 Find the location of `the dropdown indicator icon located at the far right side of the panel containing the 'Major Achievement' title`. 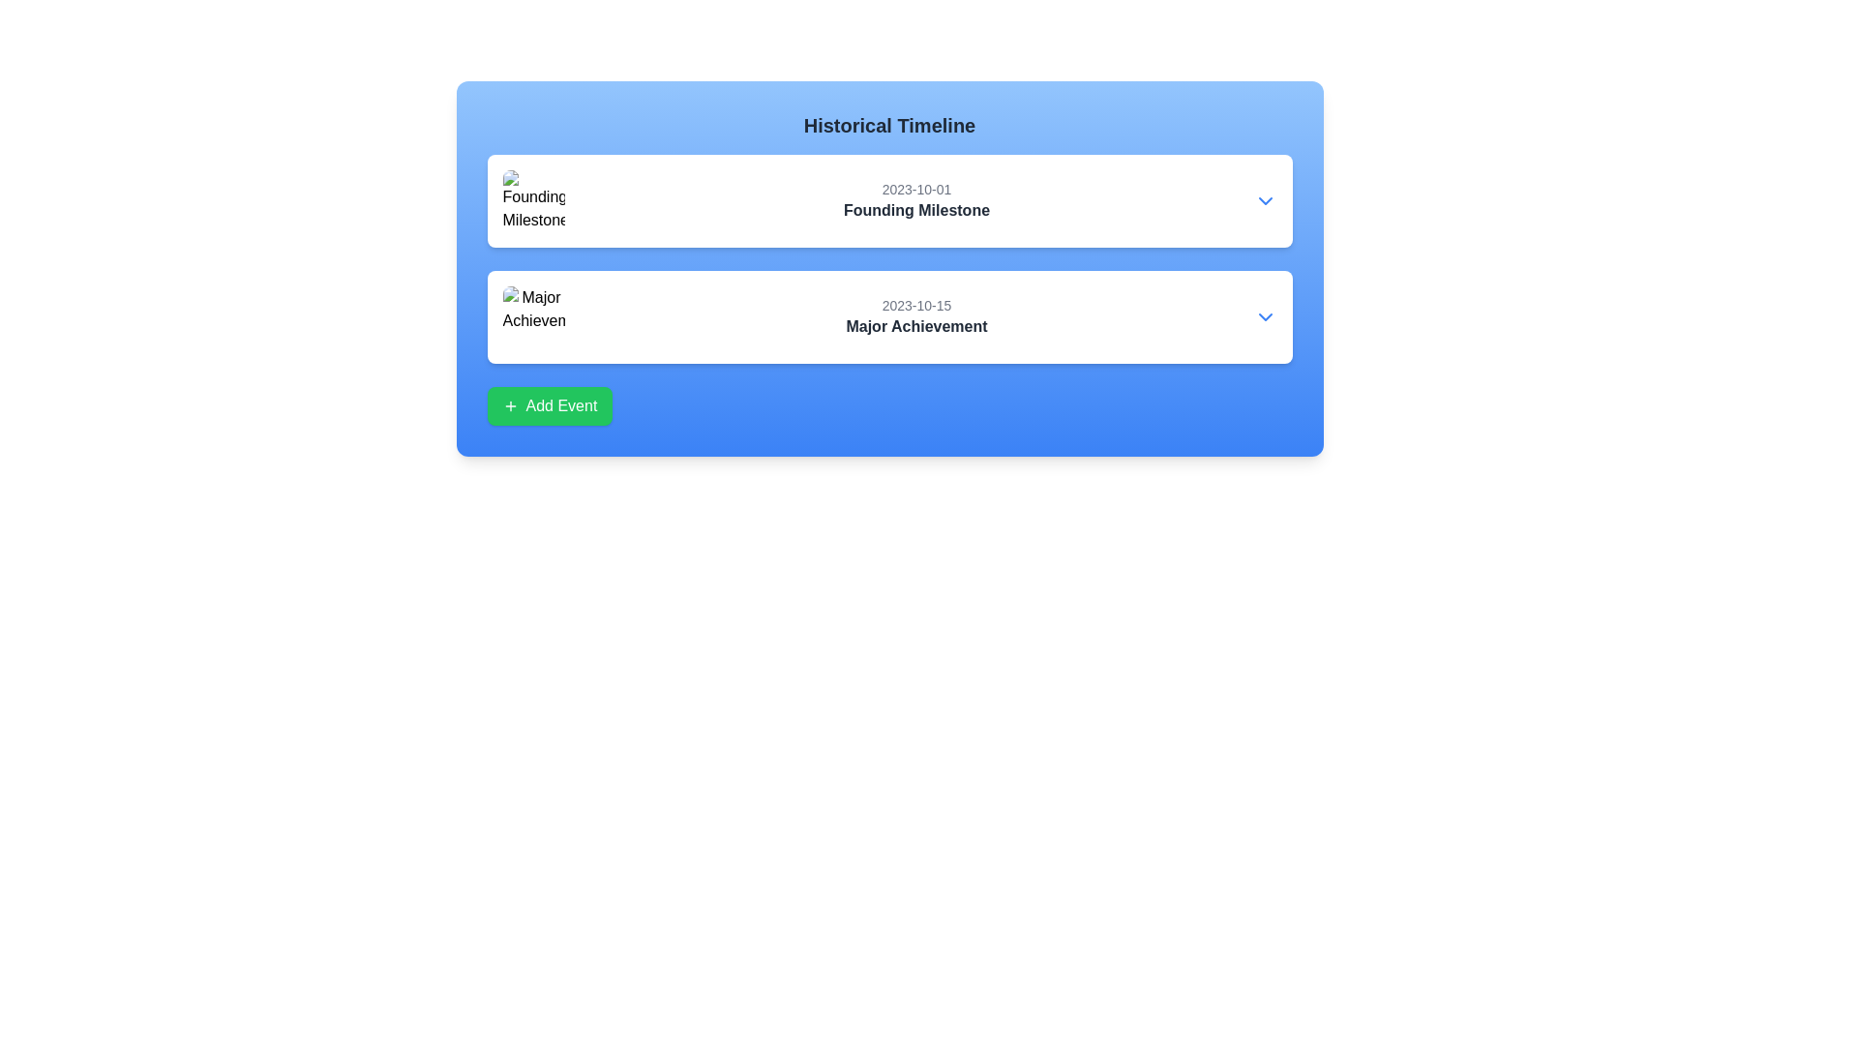

the dropdown indicator icon located at the far right side of the panel containing the 'Major Achievement' title is located at coordinates (1265, 315).